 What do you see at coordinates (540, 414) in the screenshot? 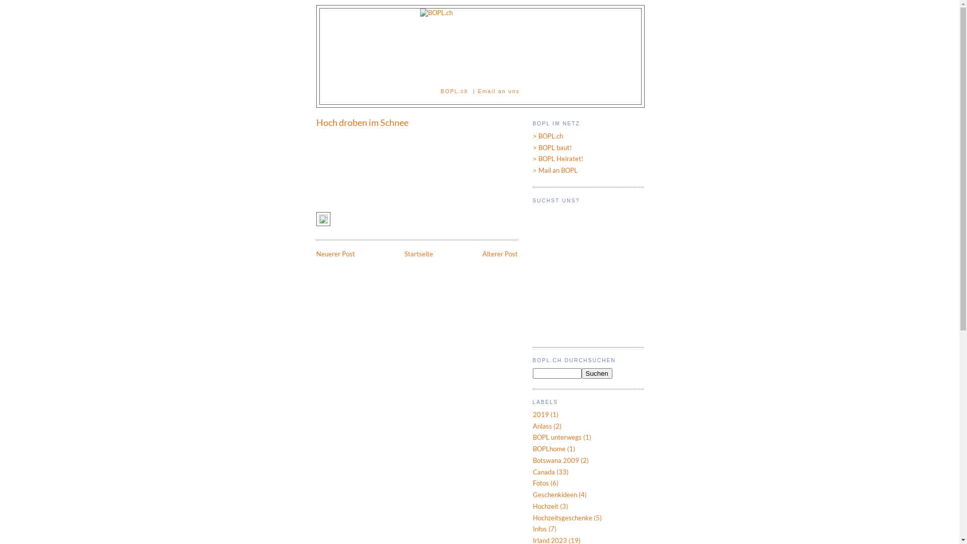
I see `'2019'` at bounding box center [540, 414].